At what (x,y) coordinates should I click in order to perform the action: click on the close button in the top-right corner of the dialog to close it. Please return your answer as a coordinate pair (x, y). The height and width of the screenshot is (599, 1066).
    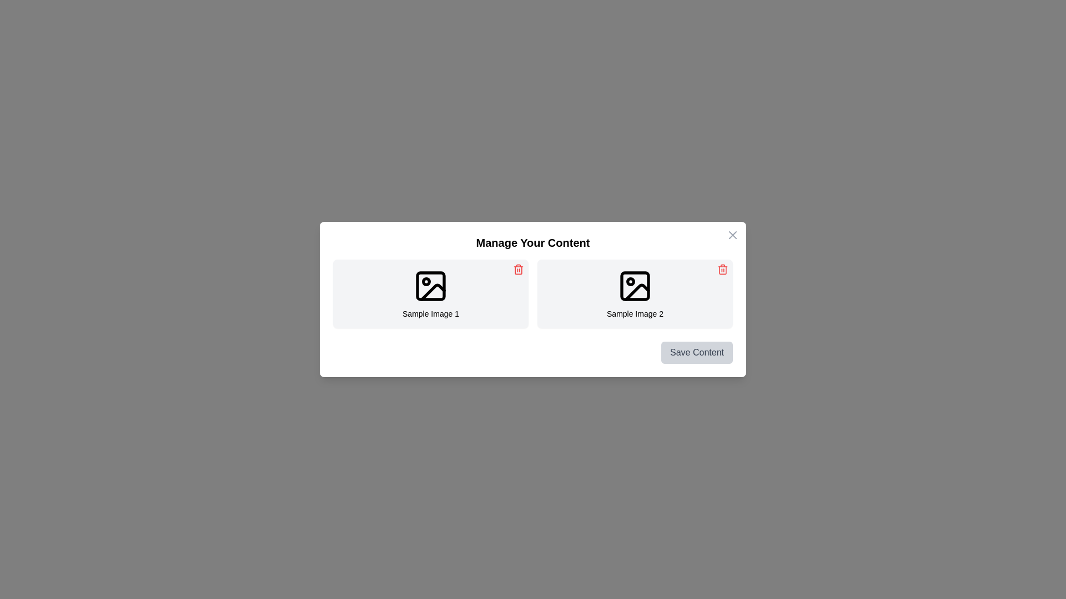
    Looking at the image, I should click on (733, 235).